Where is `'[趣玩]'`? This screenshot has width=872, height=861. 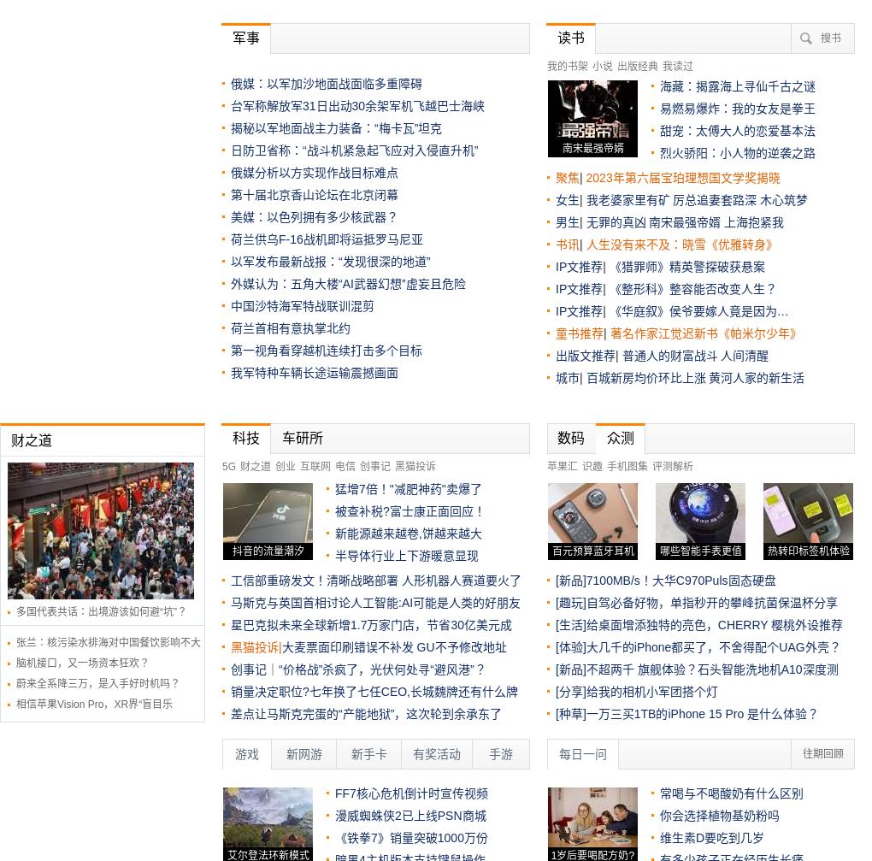
'[趣玩]' is located at coordinates (570, 602).